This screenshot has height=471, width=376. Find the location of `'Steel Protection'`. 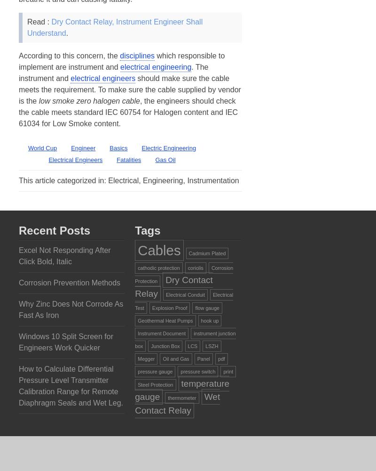

'Steel Protection' is located at coordinates (155, 384).